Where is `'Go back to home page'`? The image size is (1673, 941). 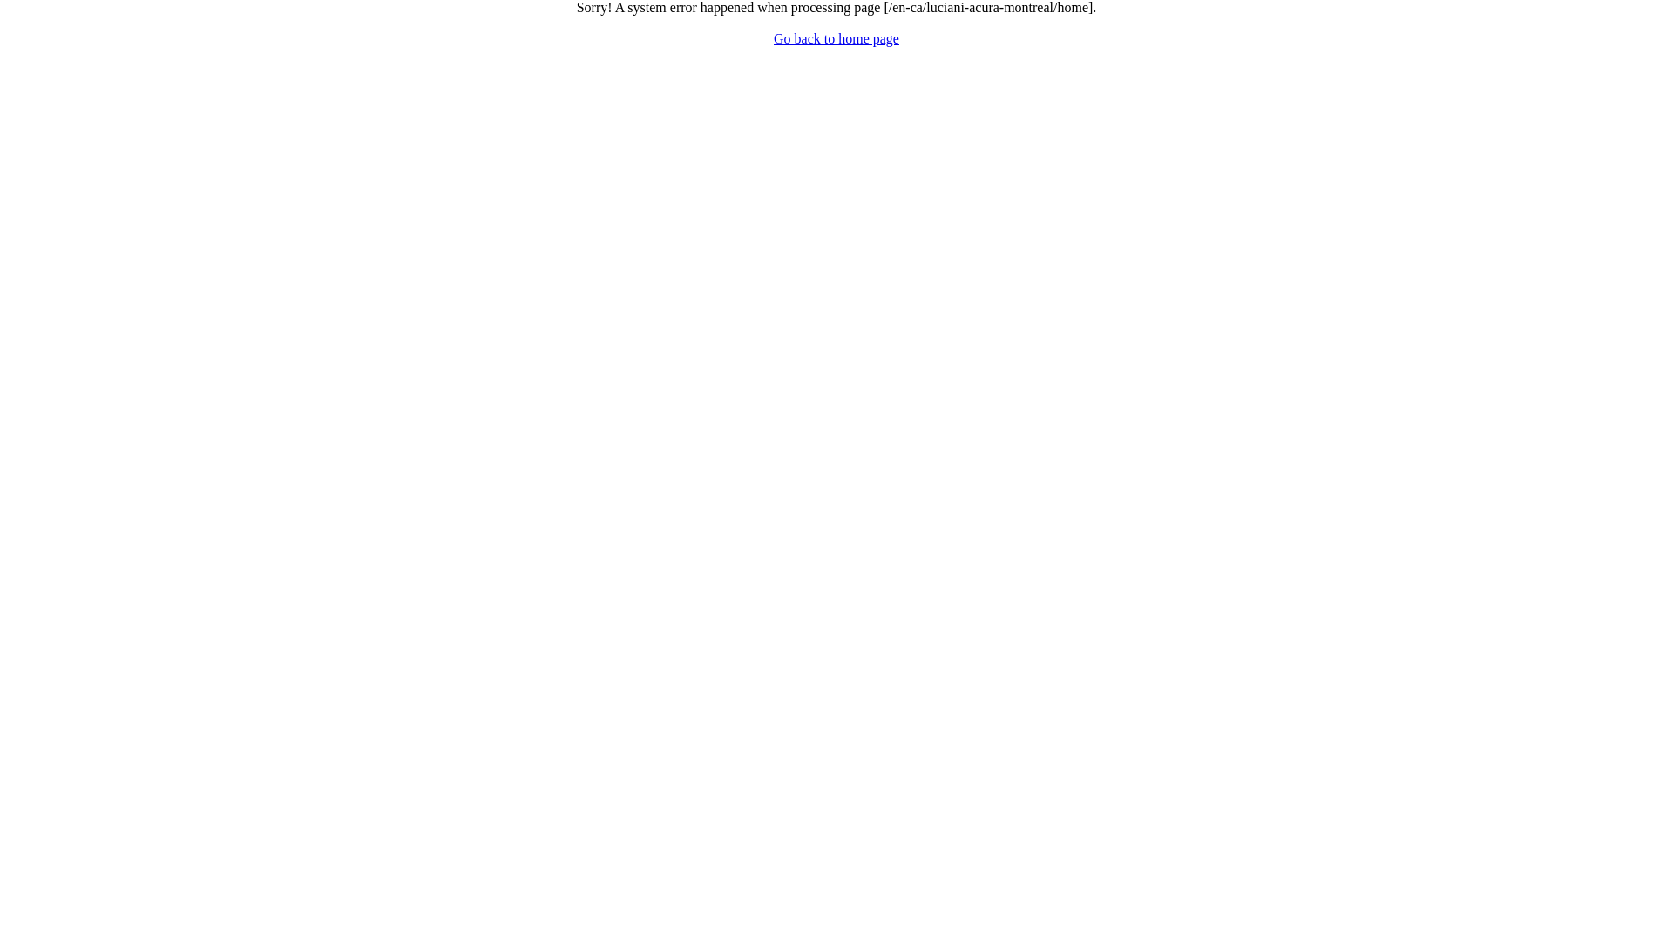 'Go back to home page' is located at coordinates (773, 38).